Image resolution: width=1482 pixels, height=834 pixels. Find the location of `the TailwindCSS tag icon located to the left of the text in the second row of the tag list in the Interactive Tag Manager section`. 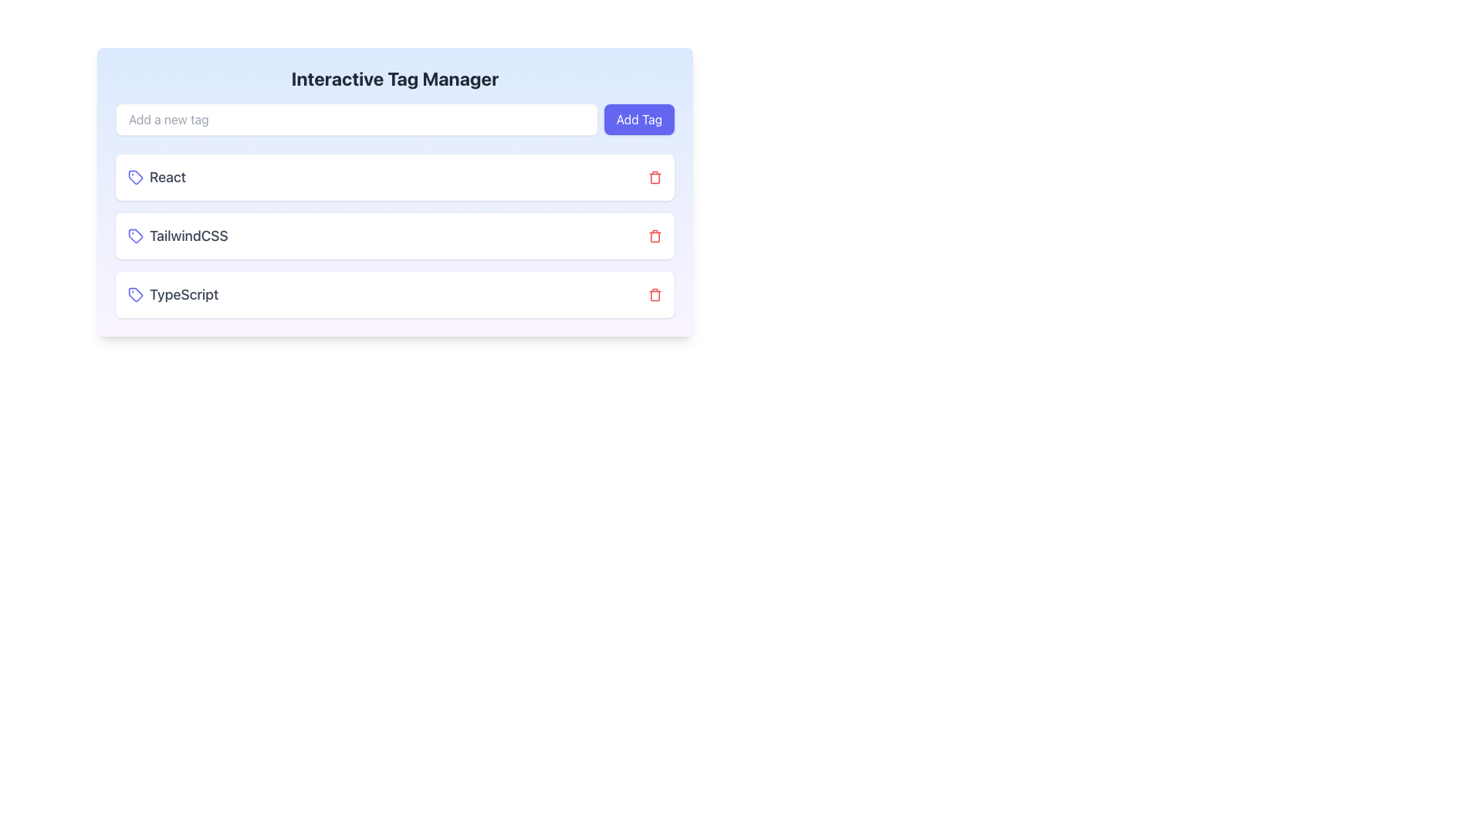

the TailwindCSS tag icon located to the left of the text in the second row of the tag list in the Interactive Tag Manager section is located at coordinates (136, 236).